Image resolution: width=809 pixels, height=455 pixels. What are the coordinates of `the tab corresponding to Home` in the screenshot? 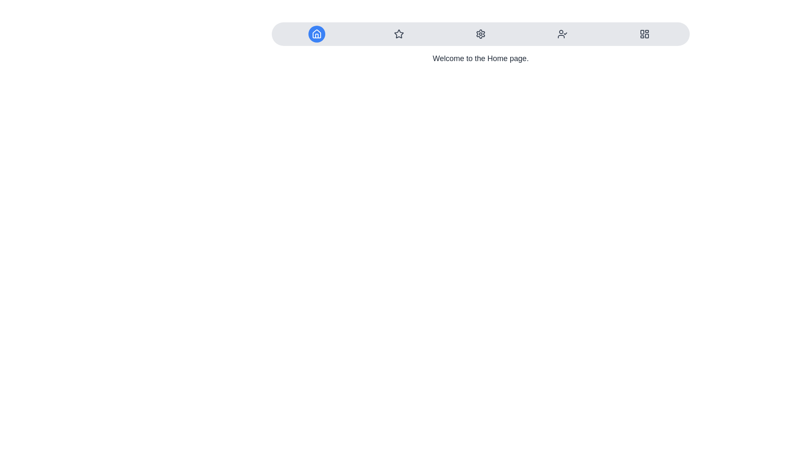 It's located at (316, 34).